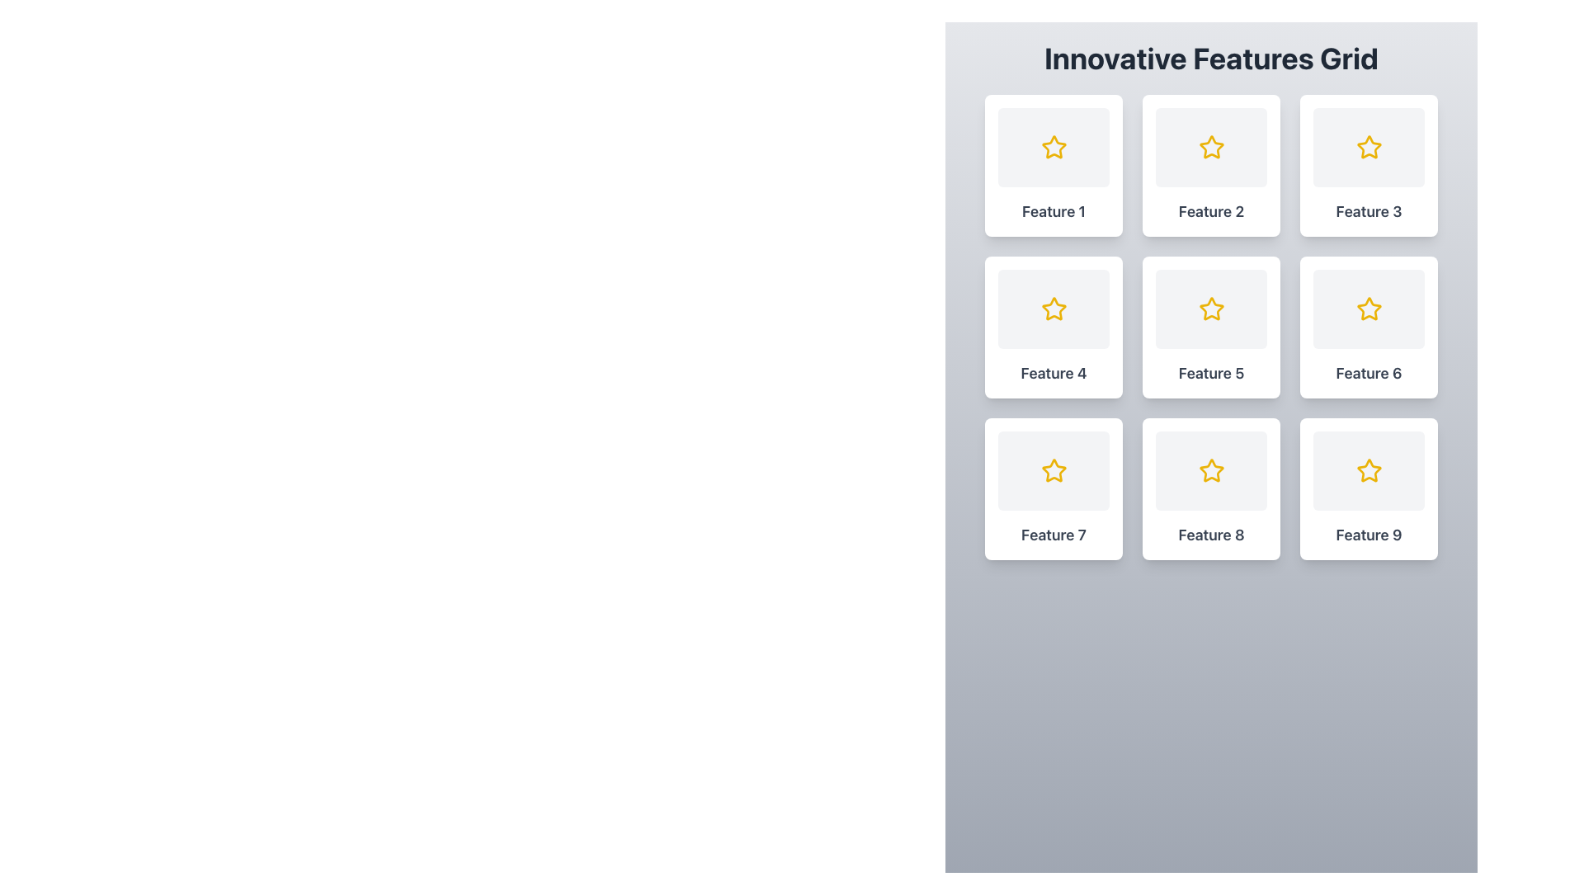 This screenshot has height=891, width=1584. Describe the element at coordinates (1053, 309) in the screenshot. I see `the yellow star-shaped icon with a thin black outline located in the center of the card labeled 'Feature 4' in the second row of a 3x3 grid layout` at that location.